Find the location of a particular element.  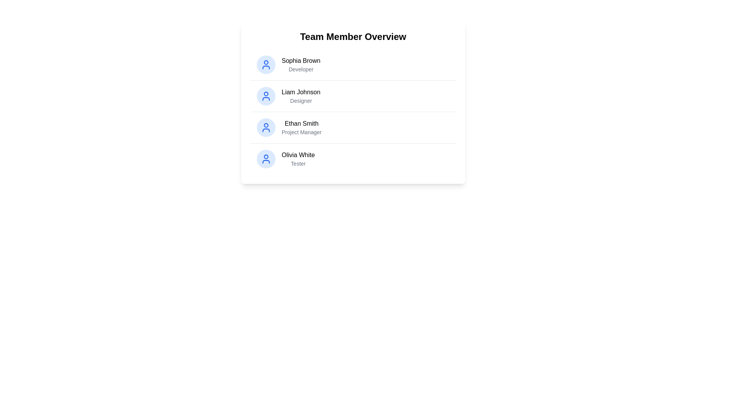

the graphical icon representing the team member 'Ethan Smith' in the 'Project Manager' entry, located in the third row under 'Team Member Overview' is located at coordinates (266, 130).